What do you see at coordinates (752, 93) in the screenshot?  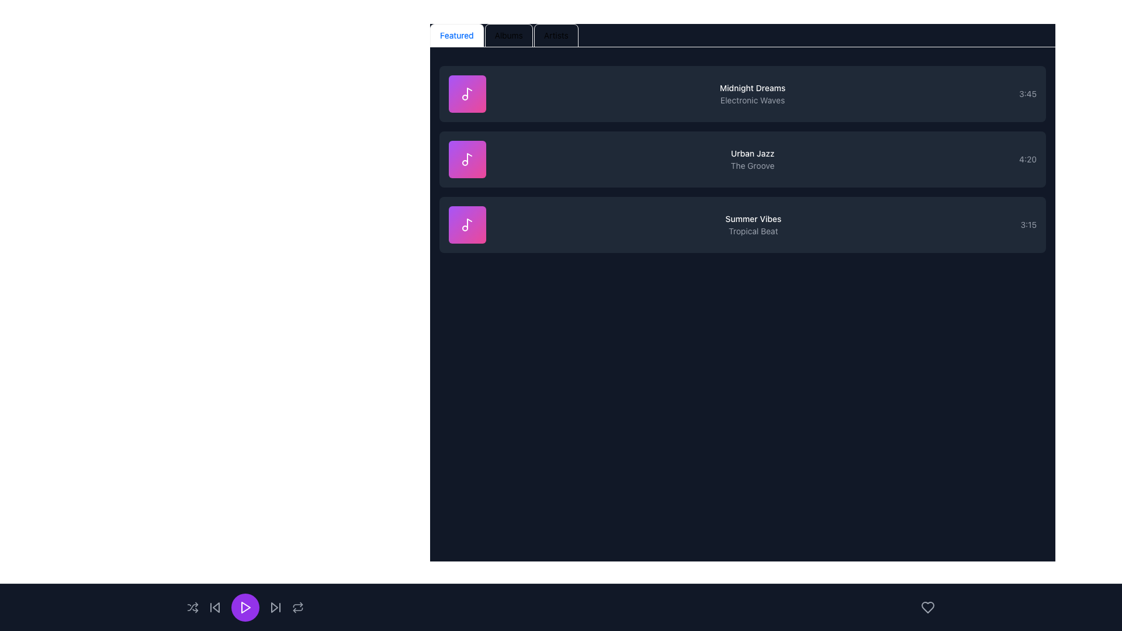 I see `the text display element that shows the title and subtitle of the media item` at bounding box center [752, 93].